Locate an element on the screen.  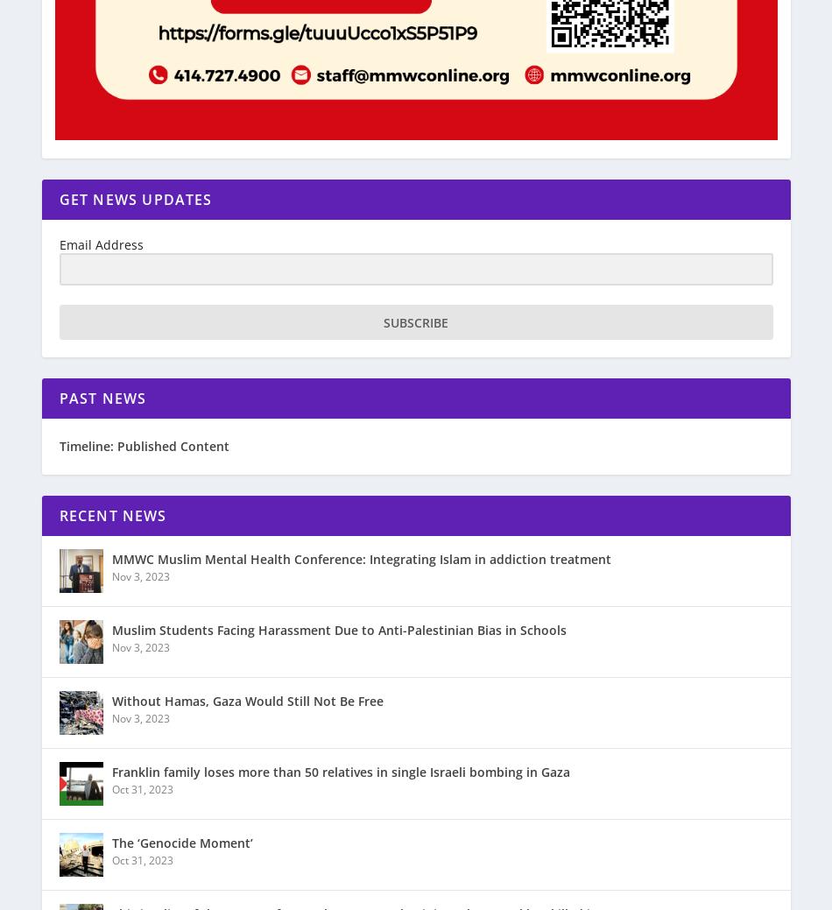
'Email Address' is located at coordinates (101, 243).